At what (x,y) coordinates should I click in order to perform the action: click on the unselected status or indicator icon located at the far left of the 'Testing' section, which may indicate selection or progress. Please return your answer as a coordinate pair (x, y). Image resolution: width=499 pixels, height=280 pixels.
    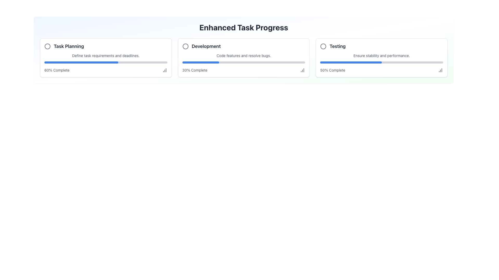
    Looking at the image, I should click on (323, 46).